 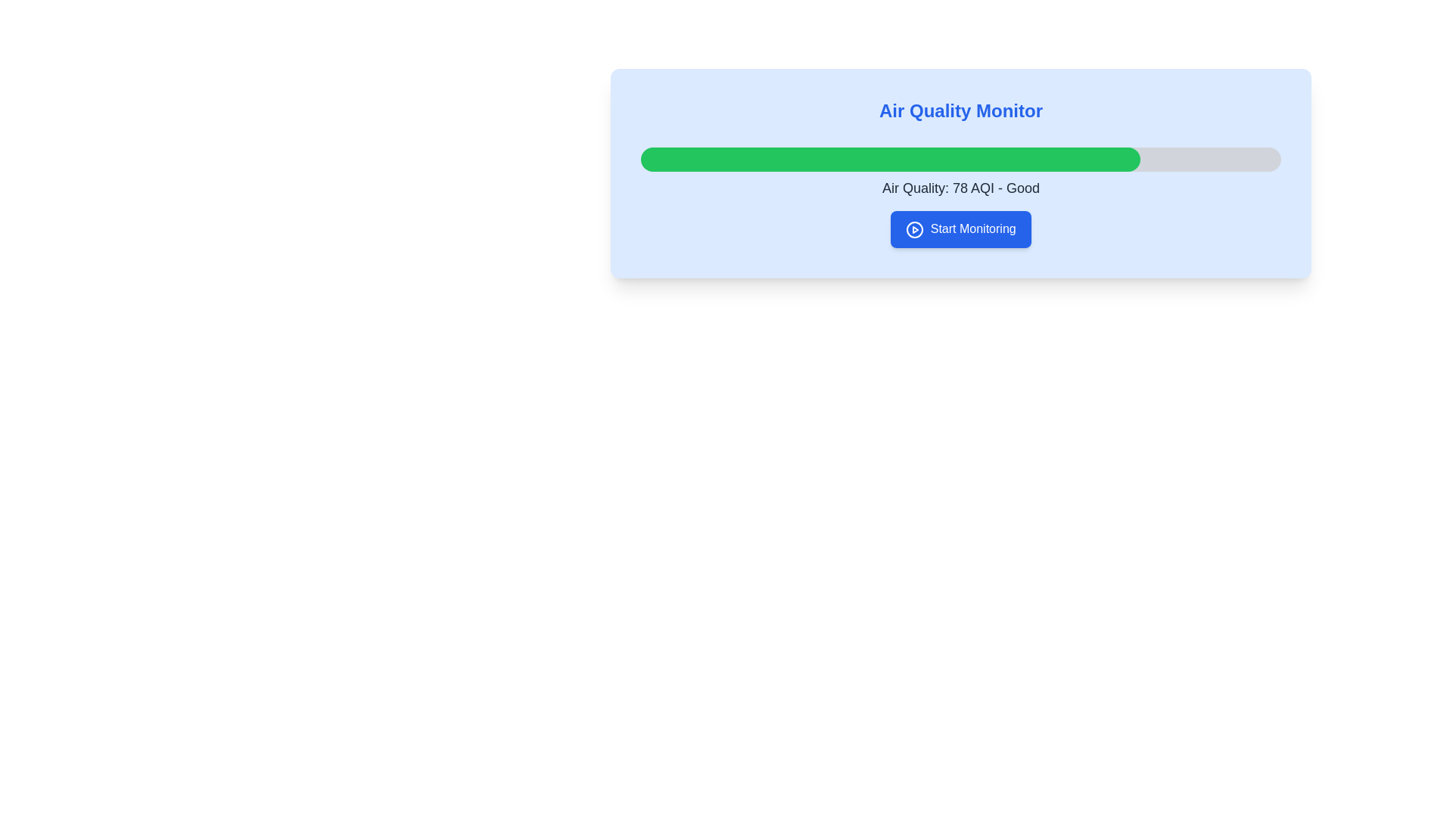 I want to click on the monitoring button located below the progress bar and air quality details to initiate the monitoring process, so click(x=959, y=229).